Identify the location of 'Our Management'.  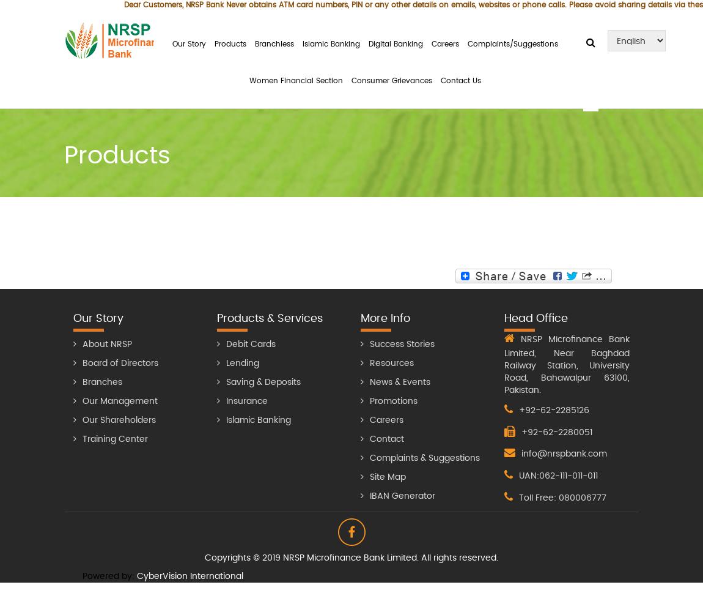
(119, 401).